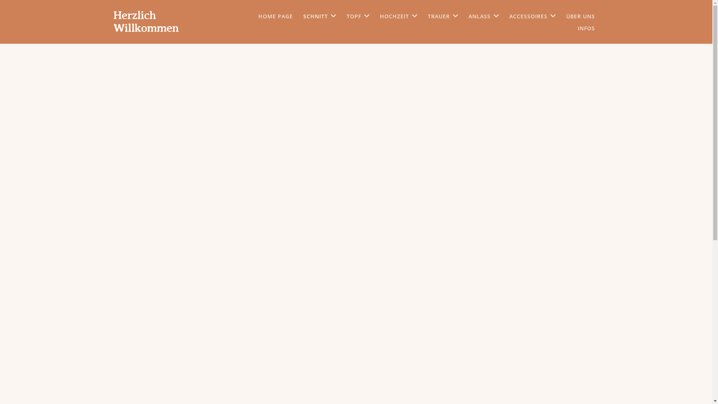 This screenshot has height=404, width=718. What do you see at coordinates (274, 16) in the screenshot?
I see `'HOME PAGE'` at bounding box center [274, 16].